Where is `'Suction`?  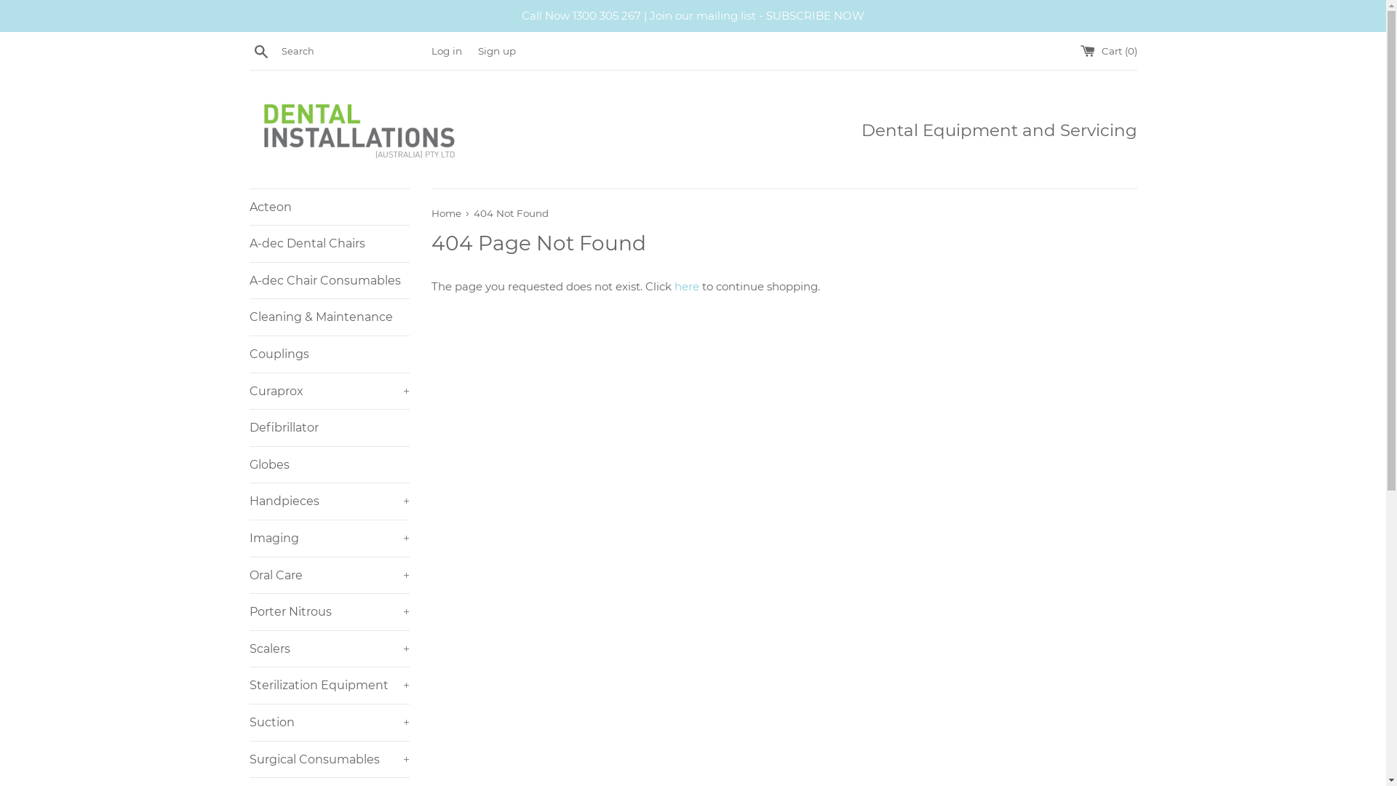 'Suction is located at coordinates (327, 722).